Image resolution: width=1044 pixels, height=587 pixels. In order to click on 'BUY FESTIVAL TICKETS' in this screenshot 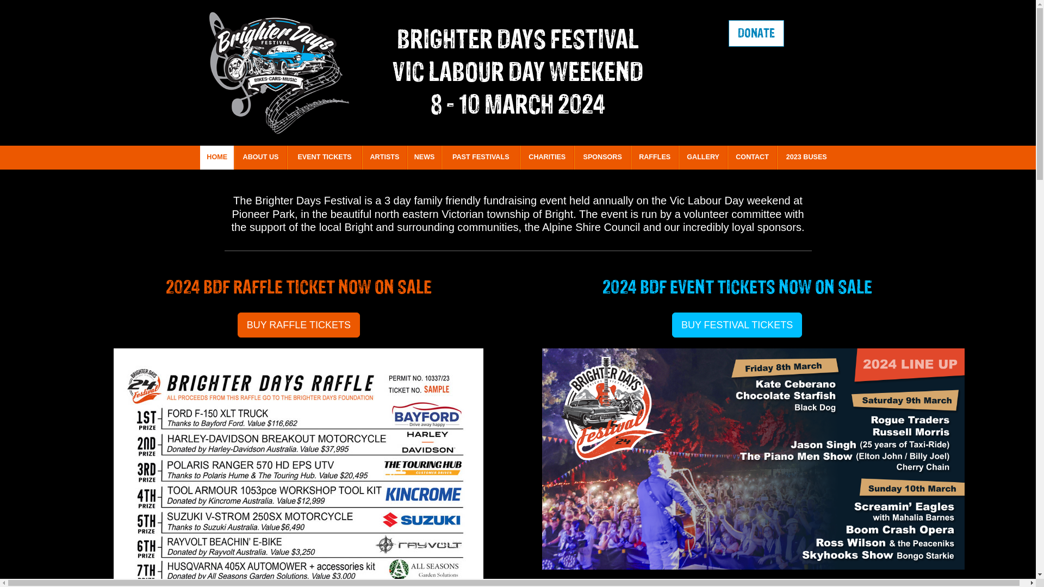, I will do `click(737, 324)`.